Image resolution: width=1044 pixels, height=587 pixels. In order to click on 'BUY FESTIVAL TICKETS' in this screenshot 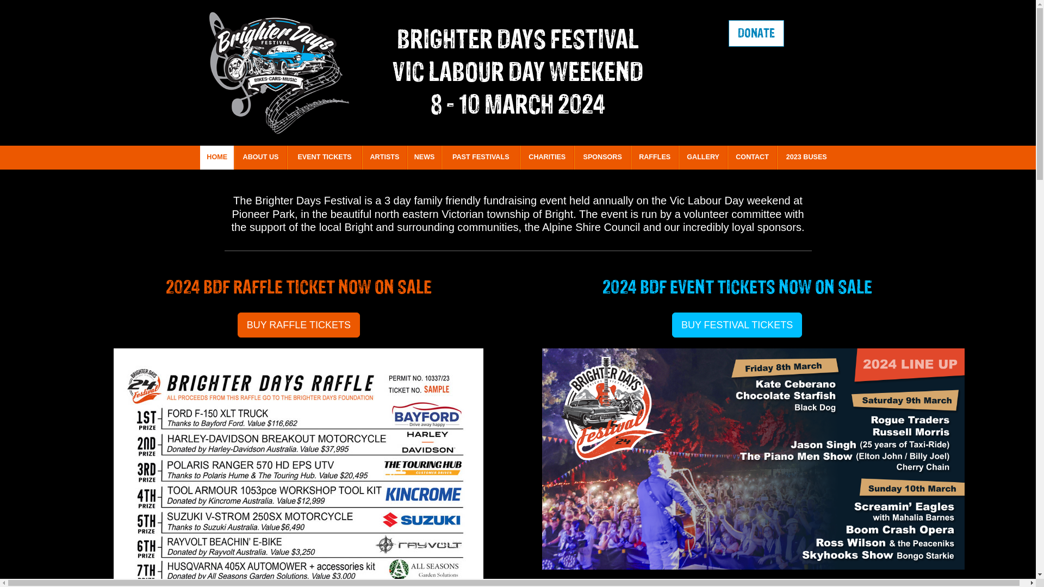, I will do `click(737, 324)`.